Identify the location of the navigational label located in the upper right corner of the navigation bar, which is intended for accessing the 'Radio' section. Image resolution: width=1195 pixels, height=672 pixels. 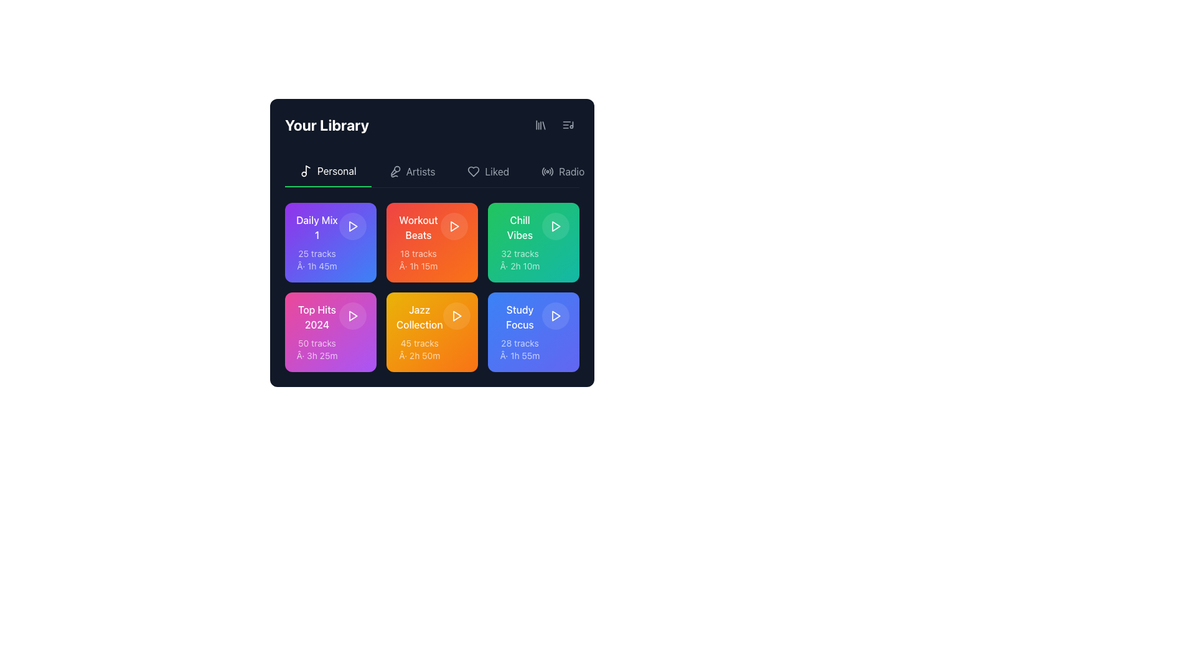
(571, 172).